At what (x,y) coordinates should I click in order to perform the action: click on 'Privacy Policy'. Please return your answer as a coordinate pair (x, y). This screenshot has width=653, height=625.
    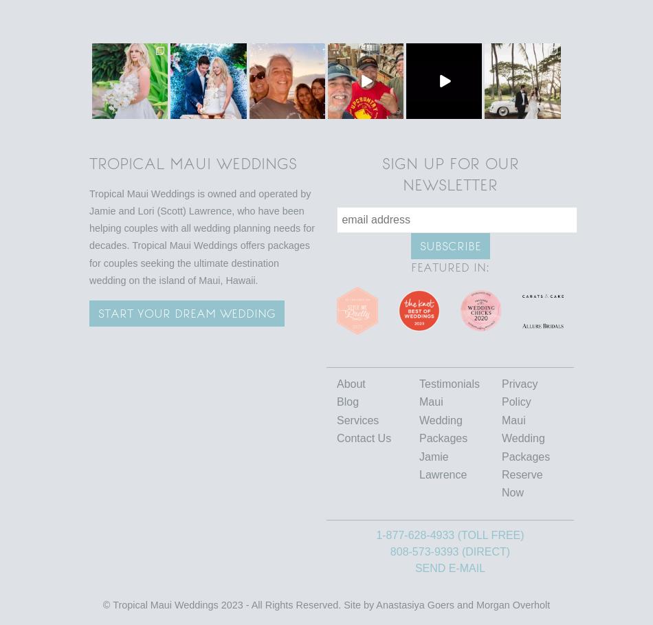
    Looking at the image, I should click on (500, 392).